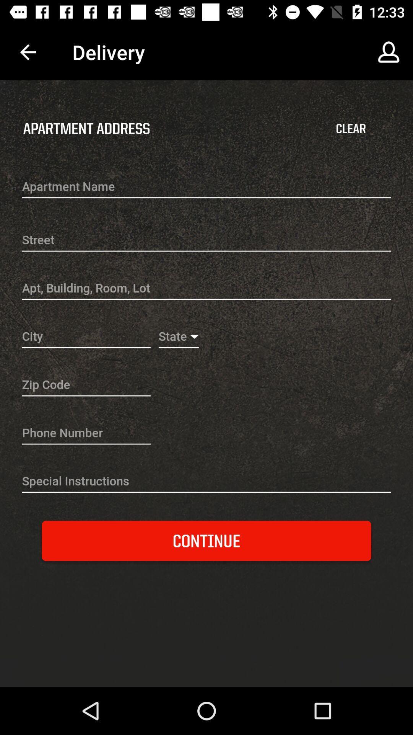 The height and width of the screenshot is (735, 413). What do you see at coordinates (351, 129) in the screenshot?
I see `the clear item` at bounding box center [351, 129].